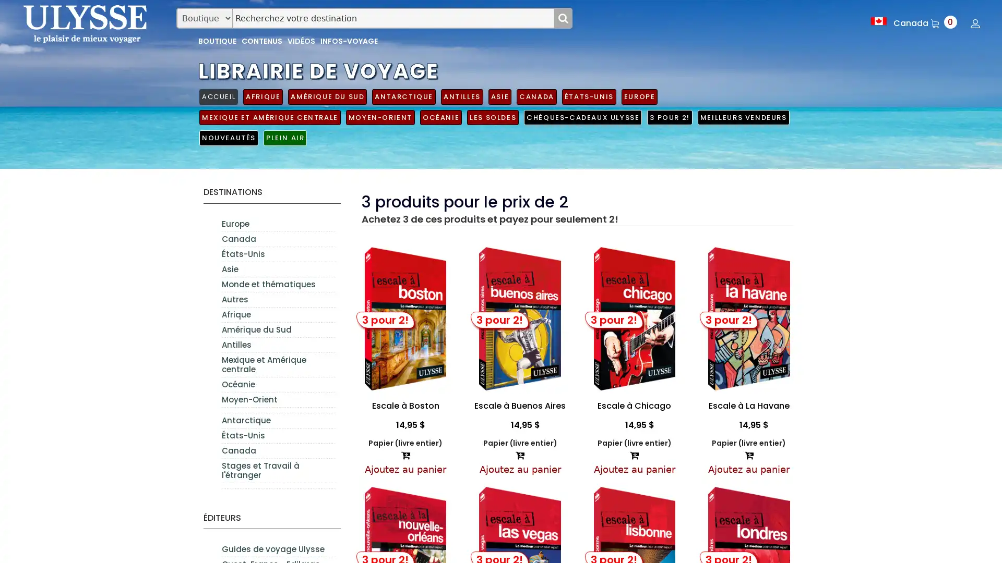  Describe the element at coordinates (520, 468) in the screenshot. I see `Ajoutez au panier` at that location.